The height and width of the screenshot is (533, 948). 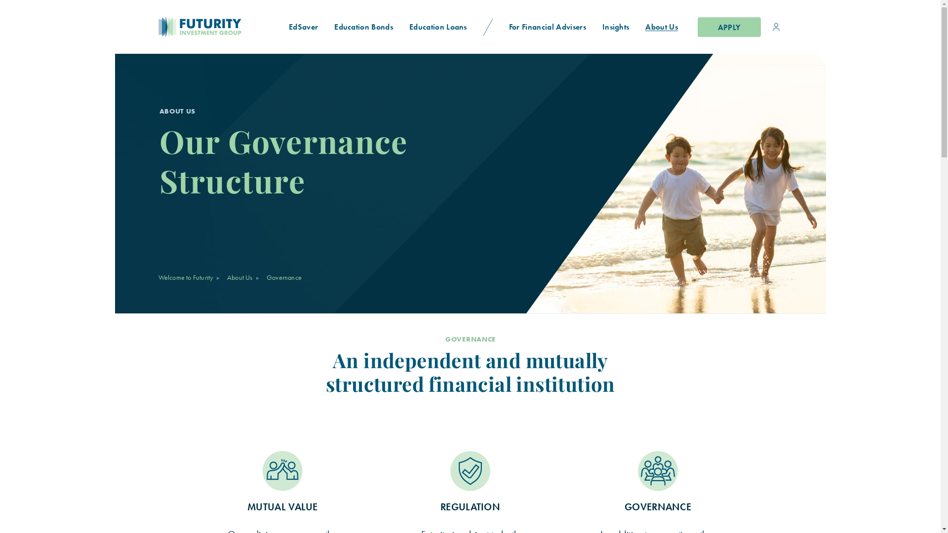 What do you see at coordinates (615, 26) in the screenshot?
I see `'Insights'` at bounding box center [615, 26].